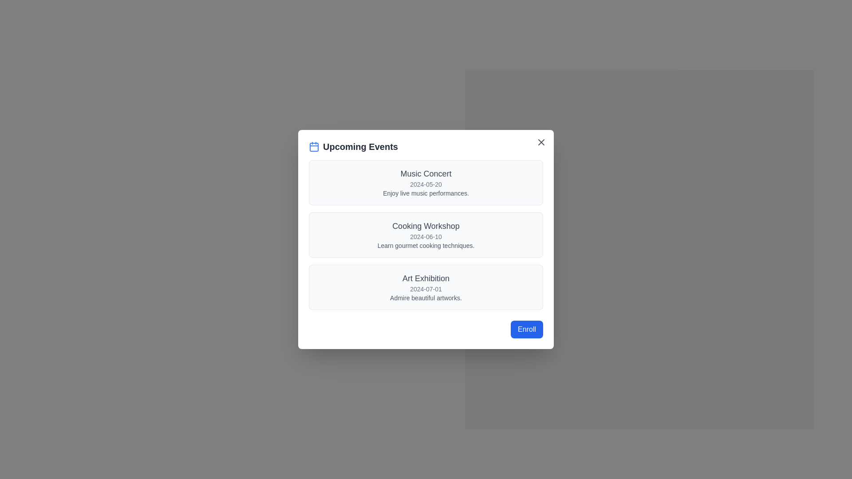  Describe the element at coordinates (426, 184) in the screenshot. I see `the text label displaying the scheduled date of the 'Music Concert' event, which is positioned below the event title and above the description in the first event card` at that location.